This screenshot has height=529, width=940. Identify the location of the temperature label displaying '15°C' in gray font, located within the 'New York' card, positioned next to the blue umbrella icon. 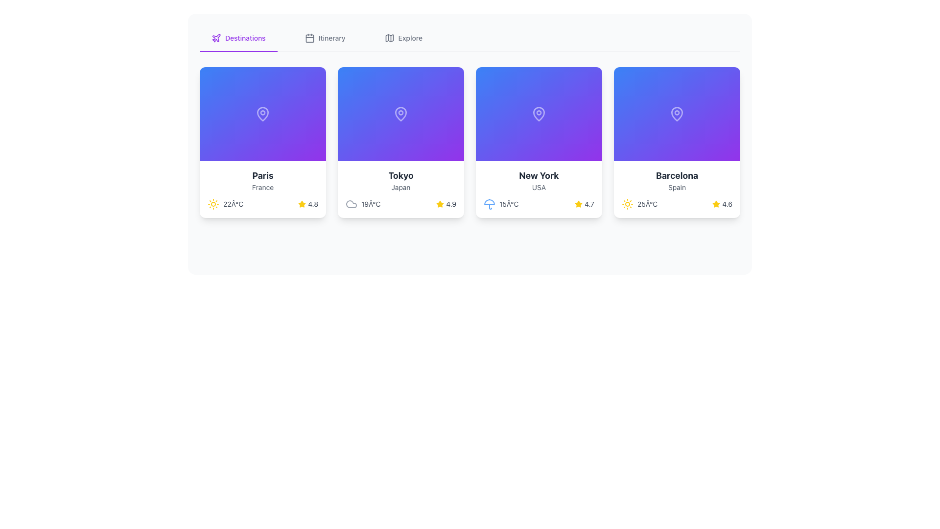
(501, 203).